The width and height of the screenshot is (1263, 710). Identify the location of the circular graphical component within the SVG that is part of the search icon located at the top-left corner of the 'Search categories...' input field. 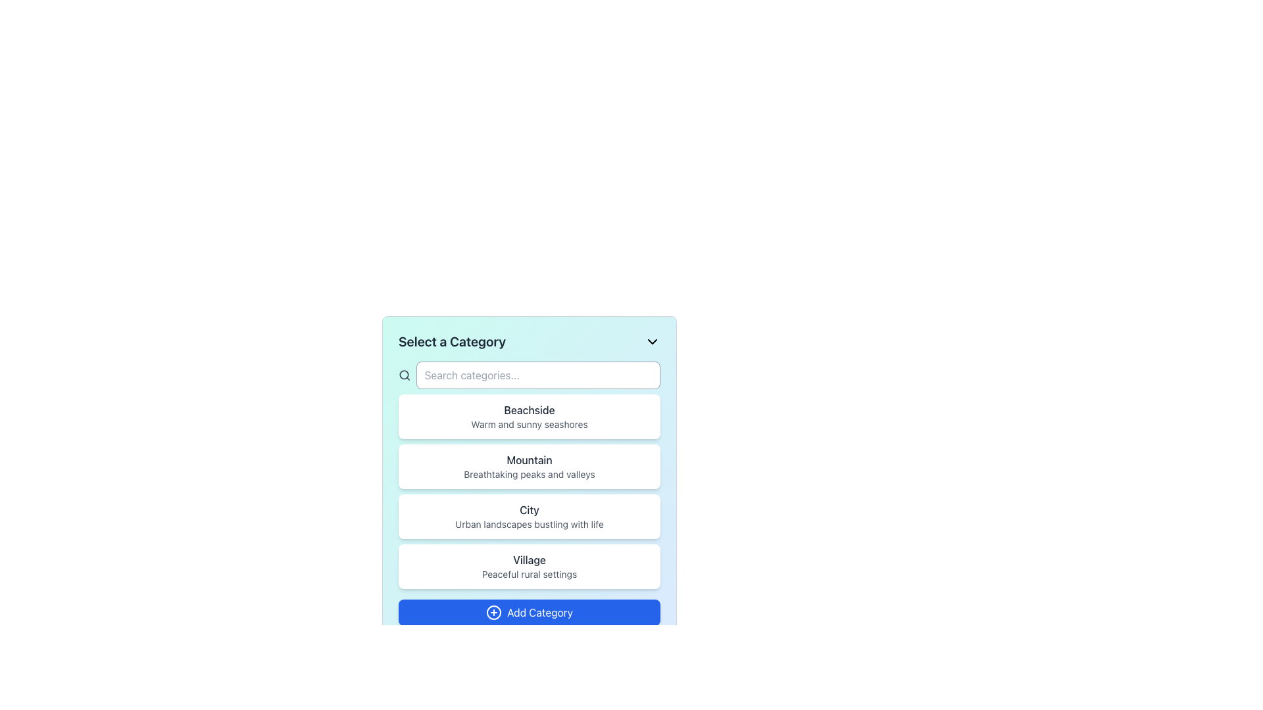
(403, 375).